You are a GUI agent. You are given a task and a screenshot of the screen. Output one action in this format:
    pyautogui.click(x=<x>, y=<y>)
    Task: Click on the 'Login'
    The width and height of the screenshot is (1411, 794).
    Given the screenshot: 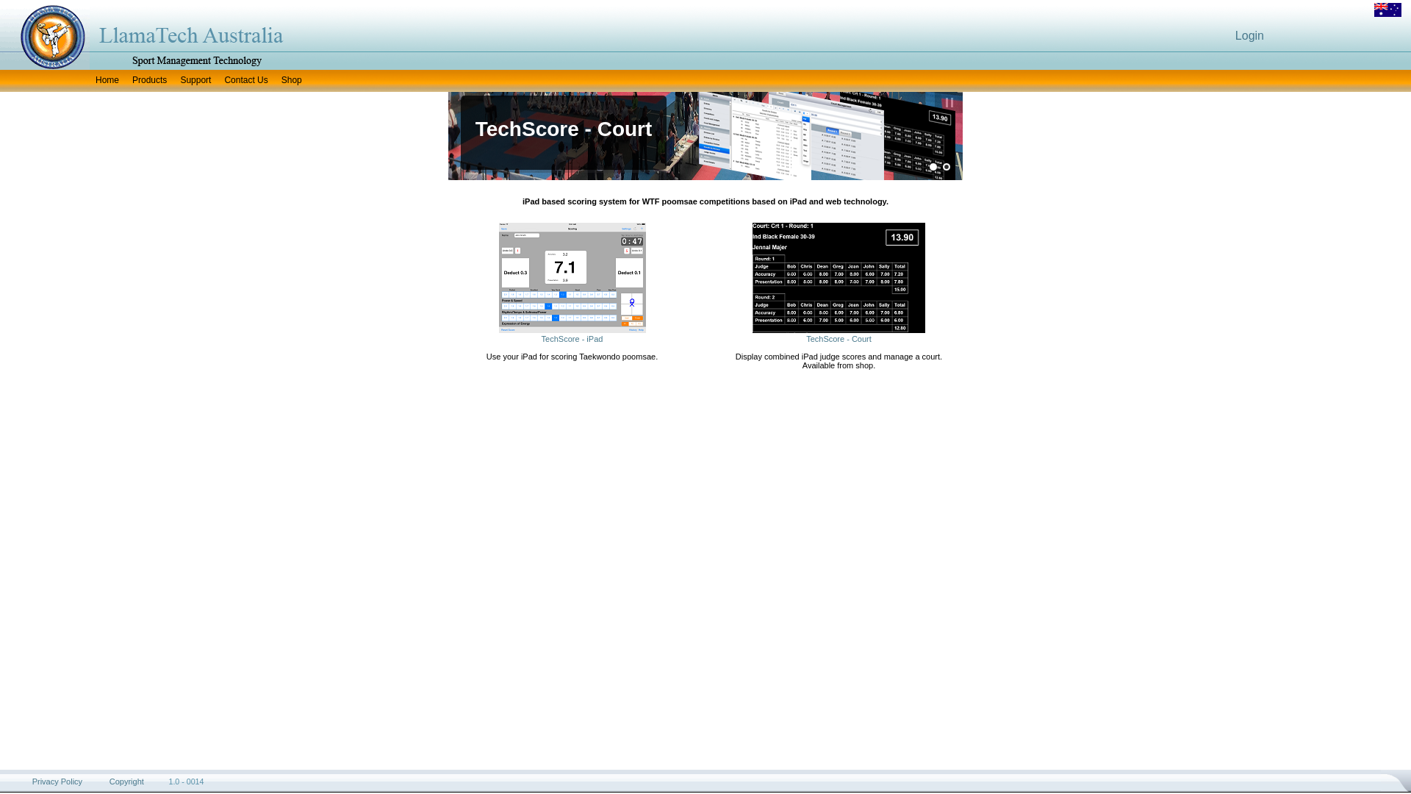 What is the action you would take?
    pyautogui.click(x=1249, y=35)
    